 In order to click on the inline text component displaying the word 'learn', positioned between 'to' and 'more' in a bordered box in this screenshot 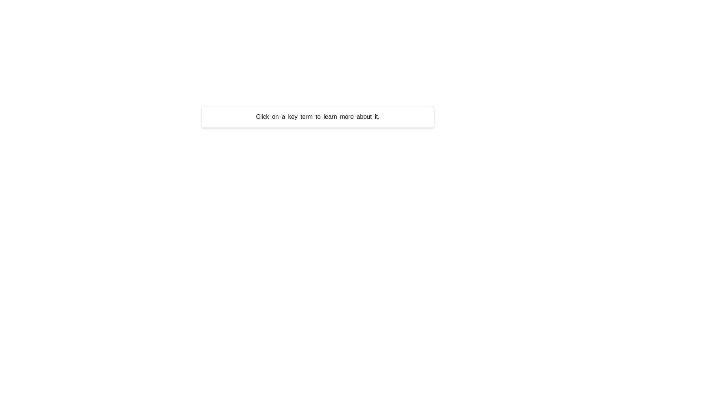, I will do `click(330, 117)`.